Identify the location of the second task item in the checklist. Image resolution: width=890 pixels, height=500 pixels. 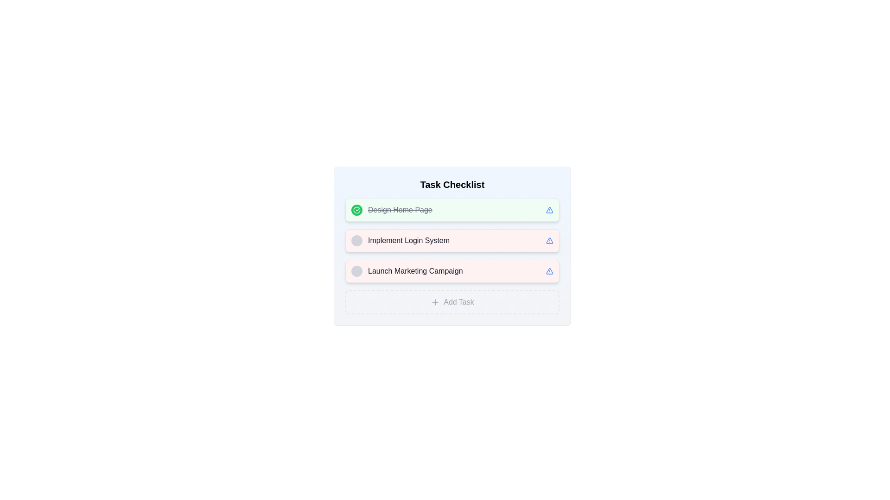
(452, 240).